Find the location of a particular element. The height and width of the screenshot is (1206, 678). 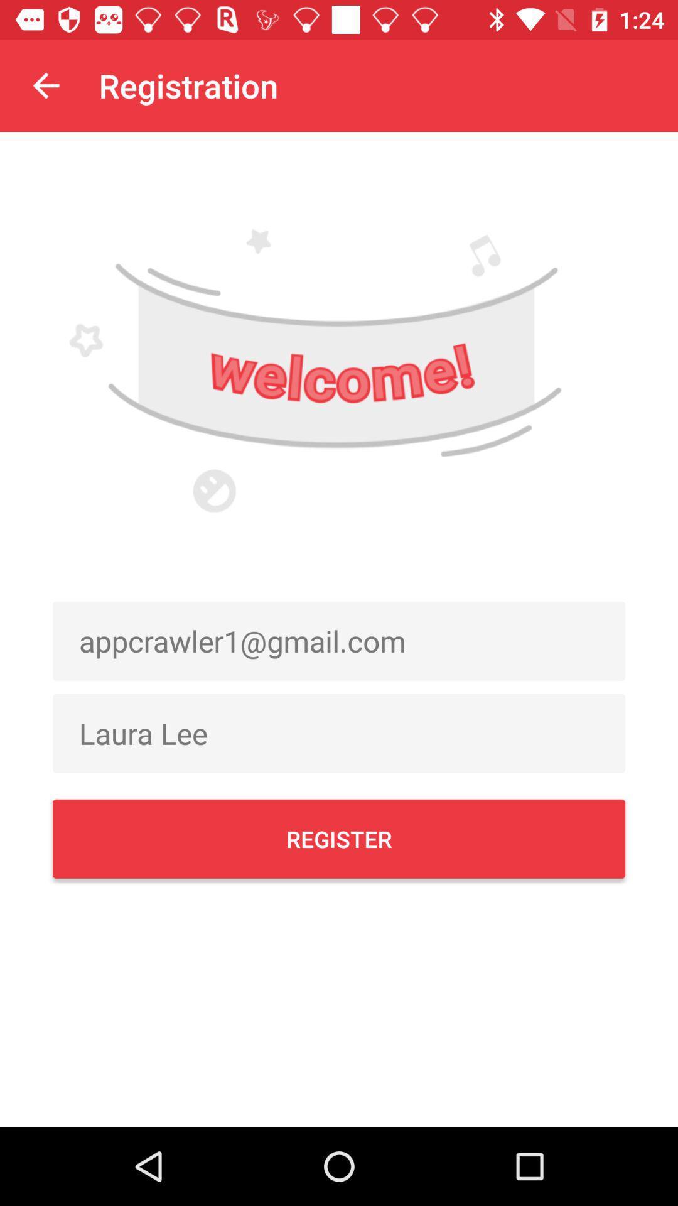

the item below the appcrawler1@gmail.com item is located at coordinates (339, 733).